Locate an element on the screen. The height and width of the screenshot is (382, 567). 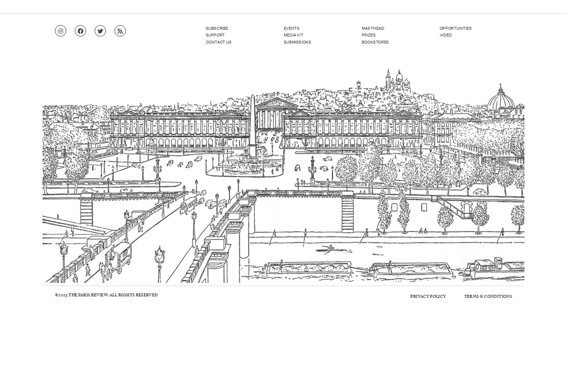
'Video' is located at coordinates (439, 34).